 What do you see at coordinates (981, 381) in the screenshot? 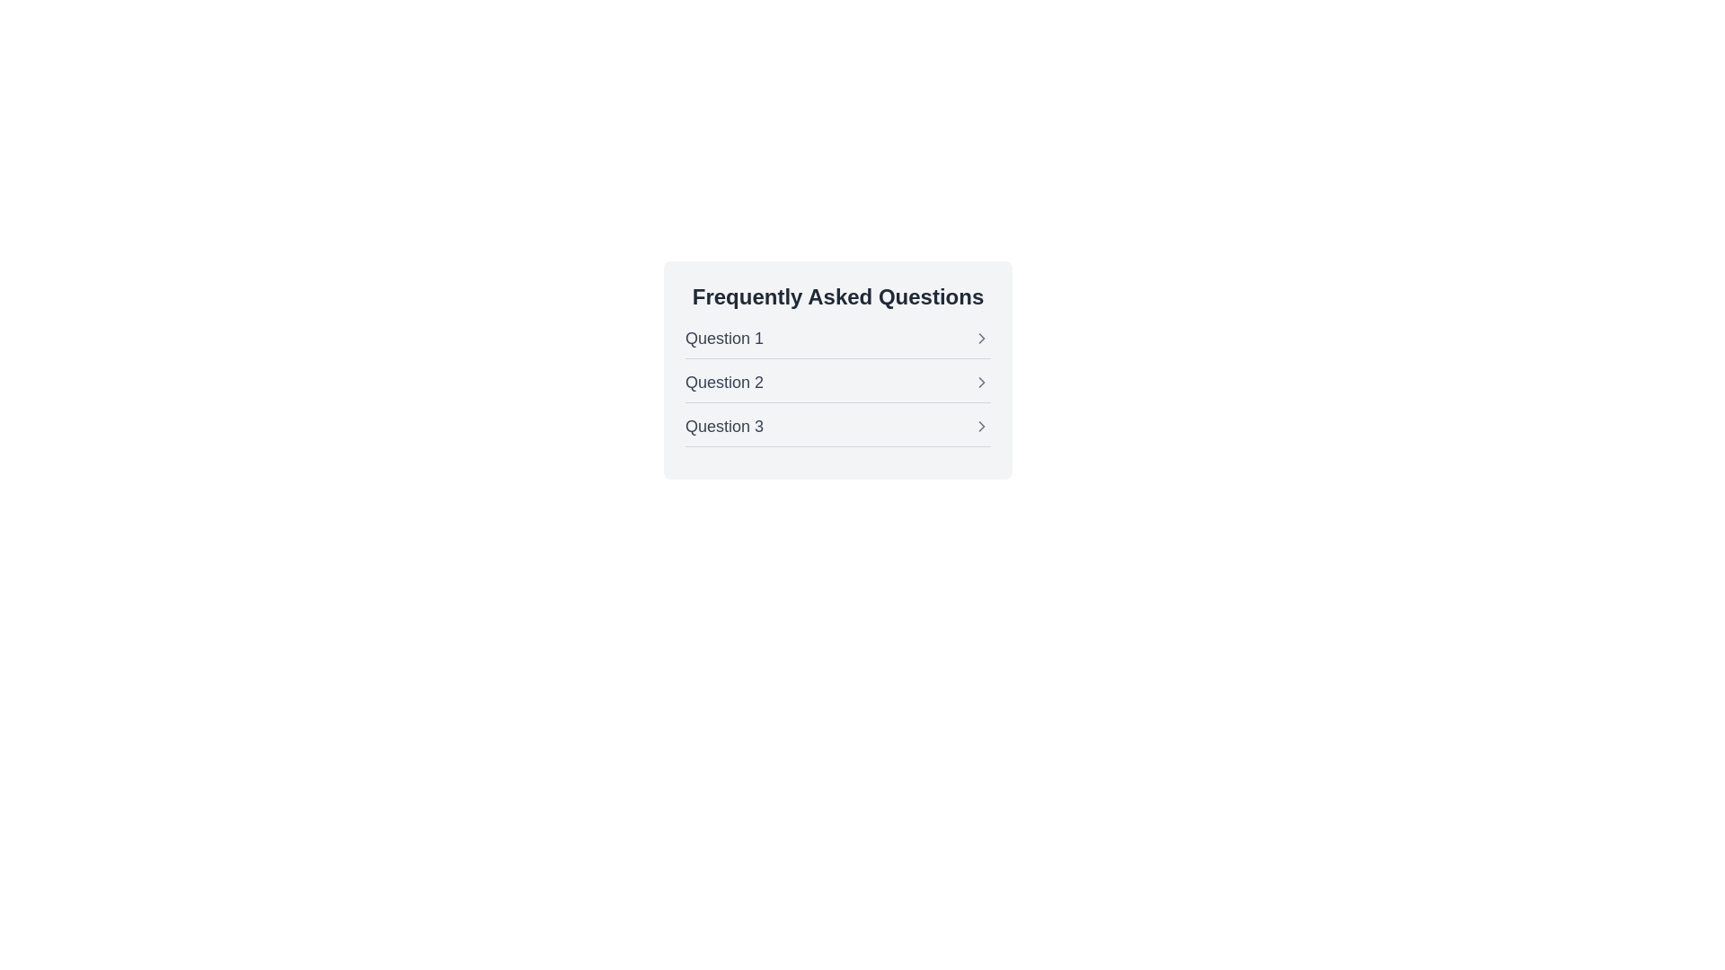
I see `the interactive icon located on the same row as 'Question 2'` at bounding box center [981, 381].